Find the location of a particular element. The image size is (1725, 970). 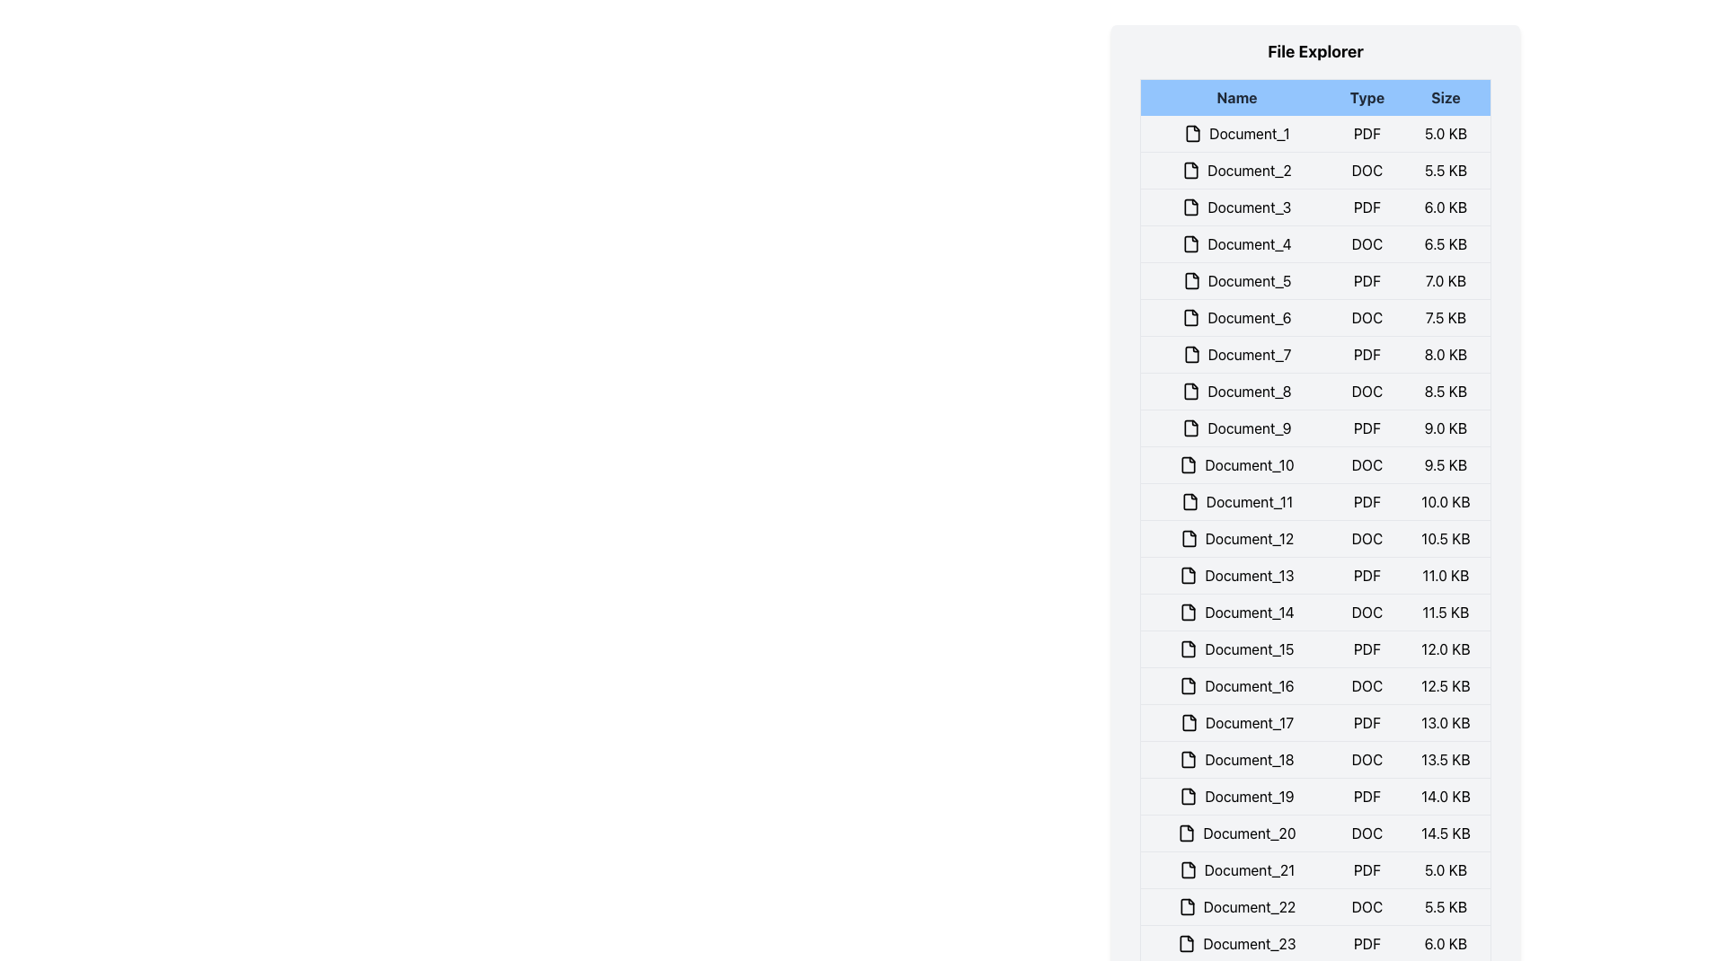

the 'PDF' type indicator text label for the file 'Document_15' to select the text is located at coordinates (1366, 648).